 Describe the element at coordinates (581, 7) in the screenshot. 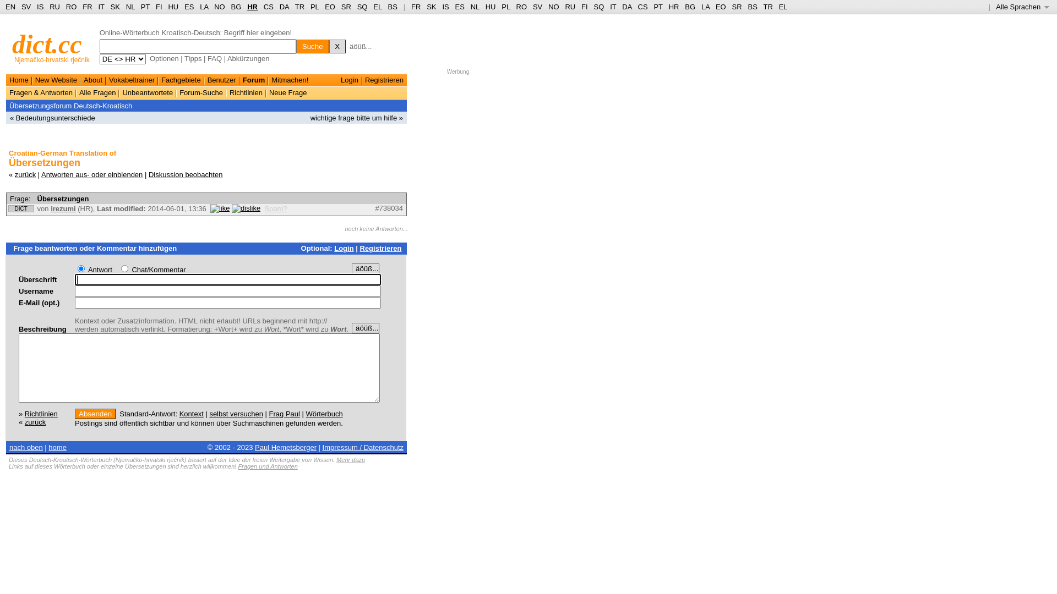

I see `'FI'` at that location.